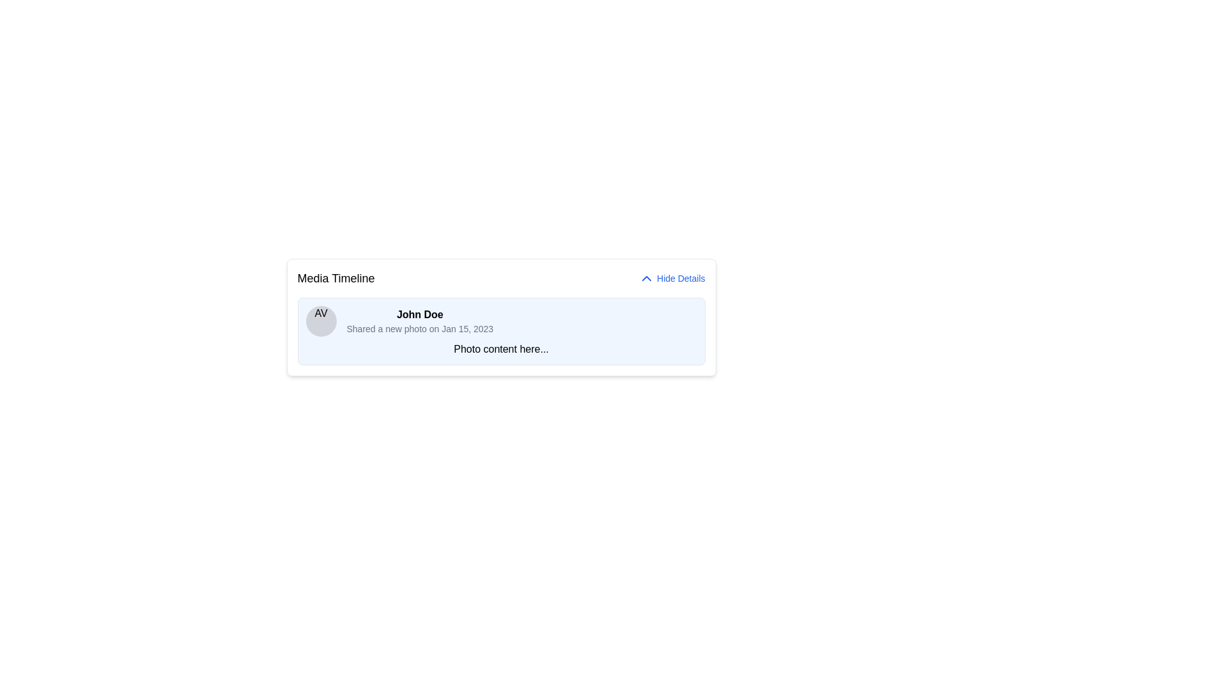  Describe the element at coordinates (671, 277) in the screenshot. I see `the 'Hide Details' button with an upward-pointing chevron icon located in the upper-right corner of the 'Media Timeline' section to hide details` at that location.